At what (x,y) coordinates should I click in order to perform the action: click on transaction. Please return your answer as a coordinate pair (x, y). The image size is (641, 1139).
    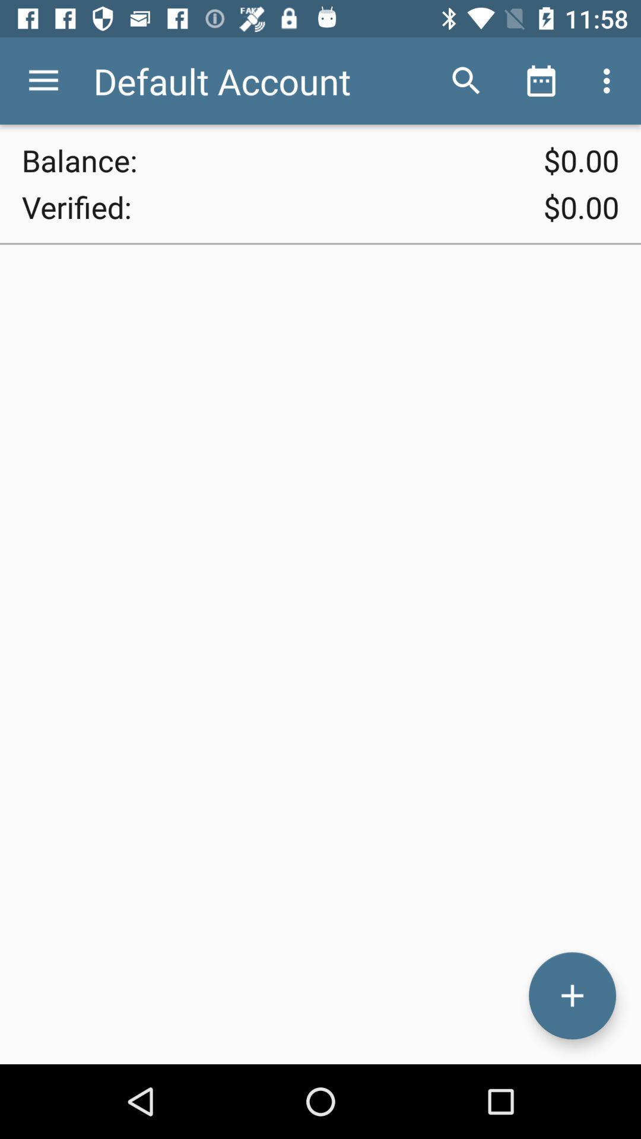
    Looking at the image, I should click on (572, 995).